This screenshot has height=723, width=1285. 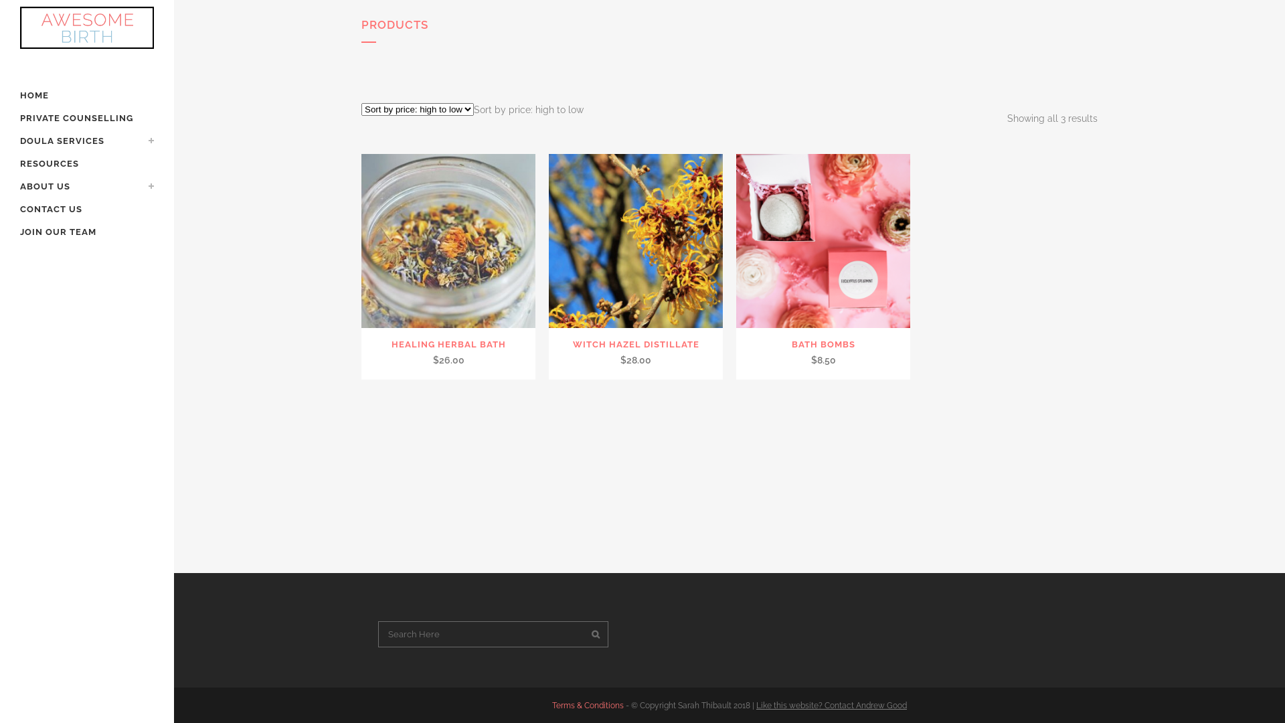 What do you see at coordinates (756, 704) in the screenshot?
I see `'Like this website? Contact Andrew Good'` at bounding box center [756, 704].